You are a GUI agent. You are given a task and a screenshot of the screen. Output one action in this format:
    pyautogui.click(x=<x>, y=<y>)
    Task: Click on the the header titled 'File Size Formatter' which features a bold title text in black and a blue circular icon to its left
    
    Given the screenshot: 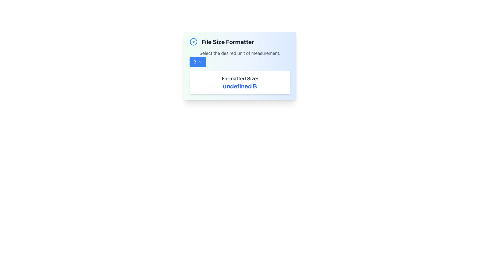 What is the action you would take?
    pyautogui.click(x=239, y=41)
    